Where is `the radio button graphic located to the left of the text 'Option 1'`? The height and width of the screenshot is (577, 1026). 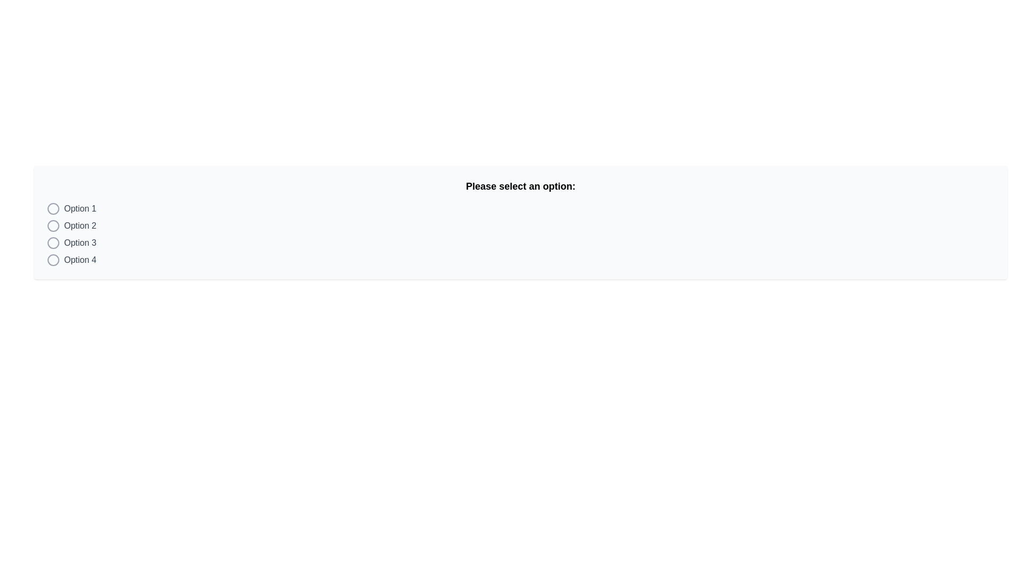 the radio button graphic located to the left of the text 'Option 1' is located at coordinates (53, 208).